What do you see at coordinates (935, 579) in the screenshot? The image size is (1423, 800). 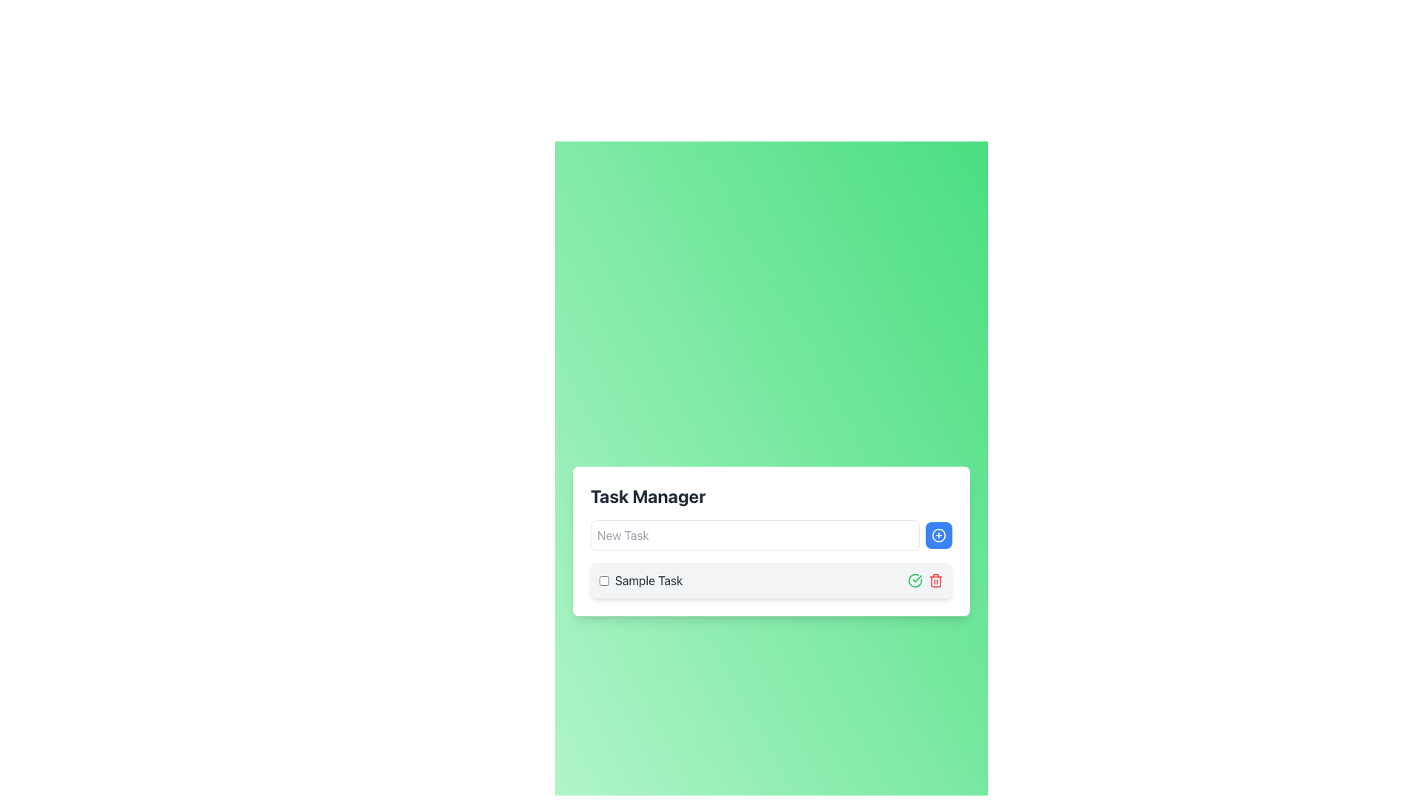 I see `the trash can icon button located in the lower-right part of the interface` at bounding box center [935, 579].